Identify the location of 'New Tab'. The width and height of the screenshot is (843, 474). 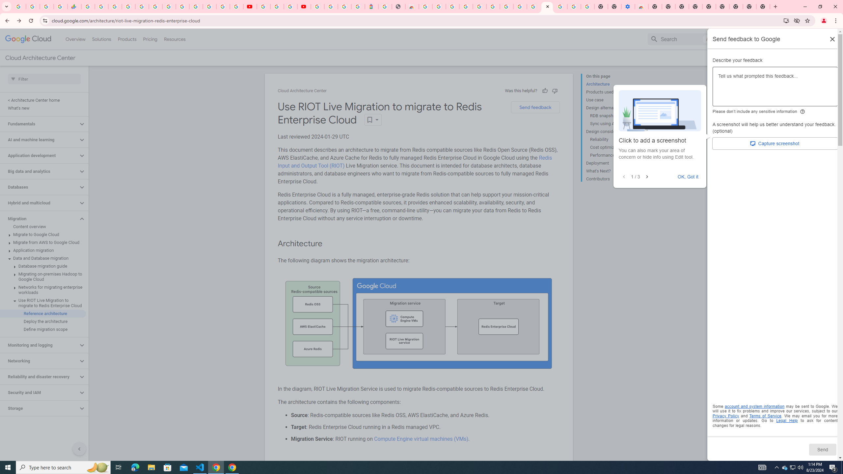
(736, 6).